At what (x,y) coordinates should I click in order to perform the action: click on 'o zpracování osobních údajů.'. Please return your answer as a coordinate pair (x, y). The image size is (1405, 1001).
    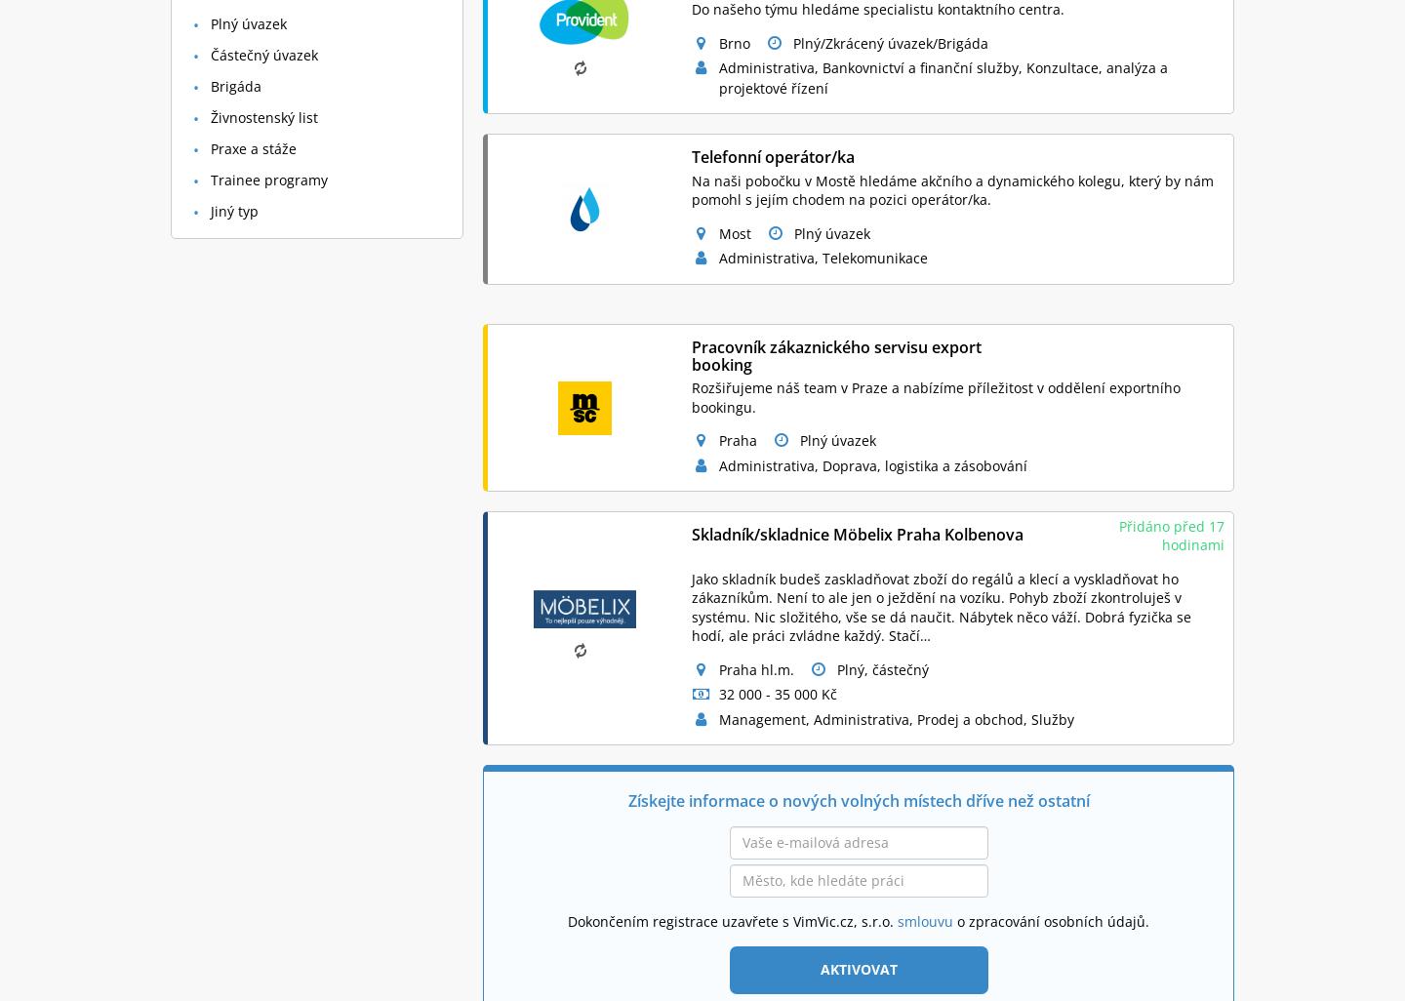
    Looking at the image, I should click on (1051, 920).